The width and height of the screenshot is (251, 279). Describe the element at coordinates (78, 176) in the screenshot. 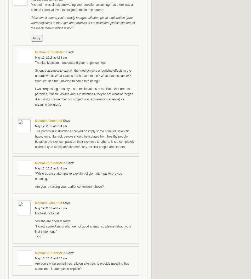

I see `'“While science attempts to explain, religion attempts to provide meaning.”'` at that location.